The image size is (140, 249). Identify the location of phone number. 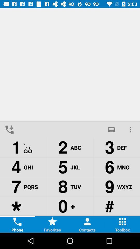
(60, 129).